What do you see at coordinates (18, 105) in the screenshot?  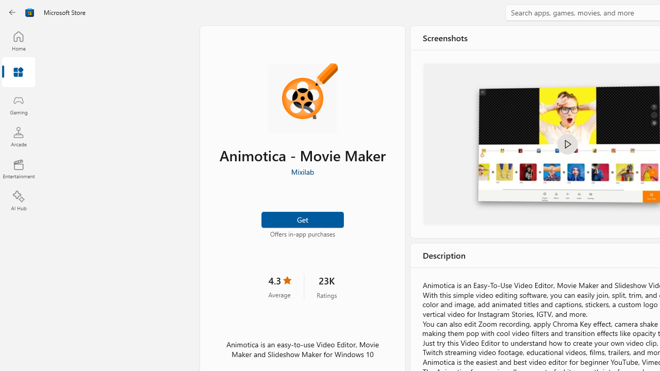 I see `'Gaming'` at bounding box center [18, 105].